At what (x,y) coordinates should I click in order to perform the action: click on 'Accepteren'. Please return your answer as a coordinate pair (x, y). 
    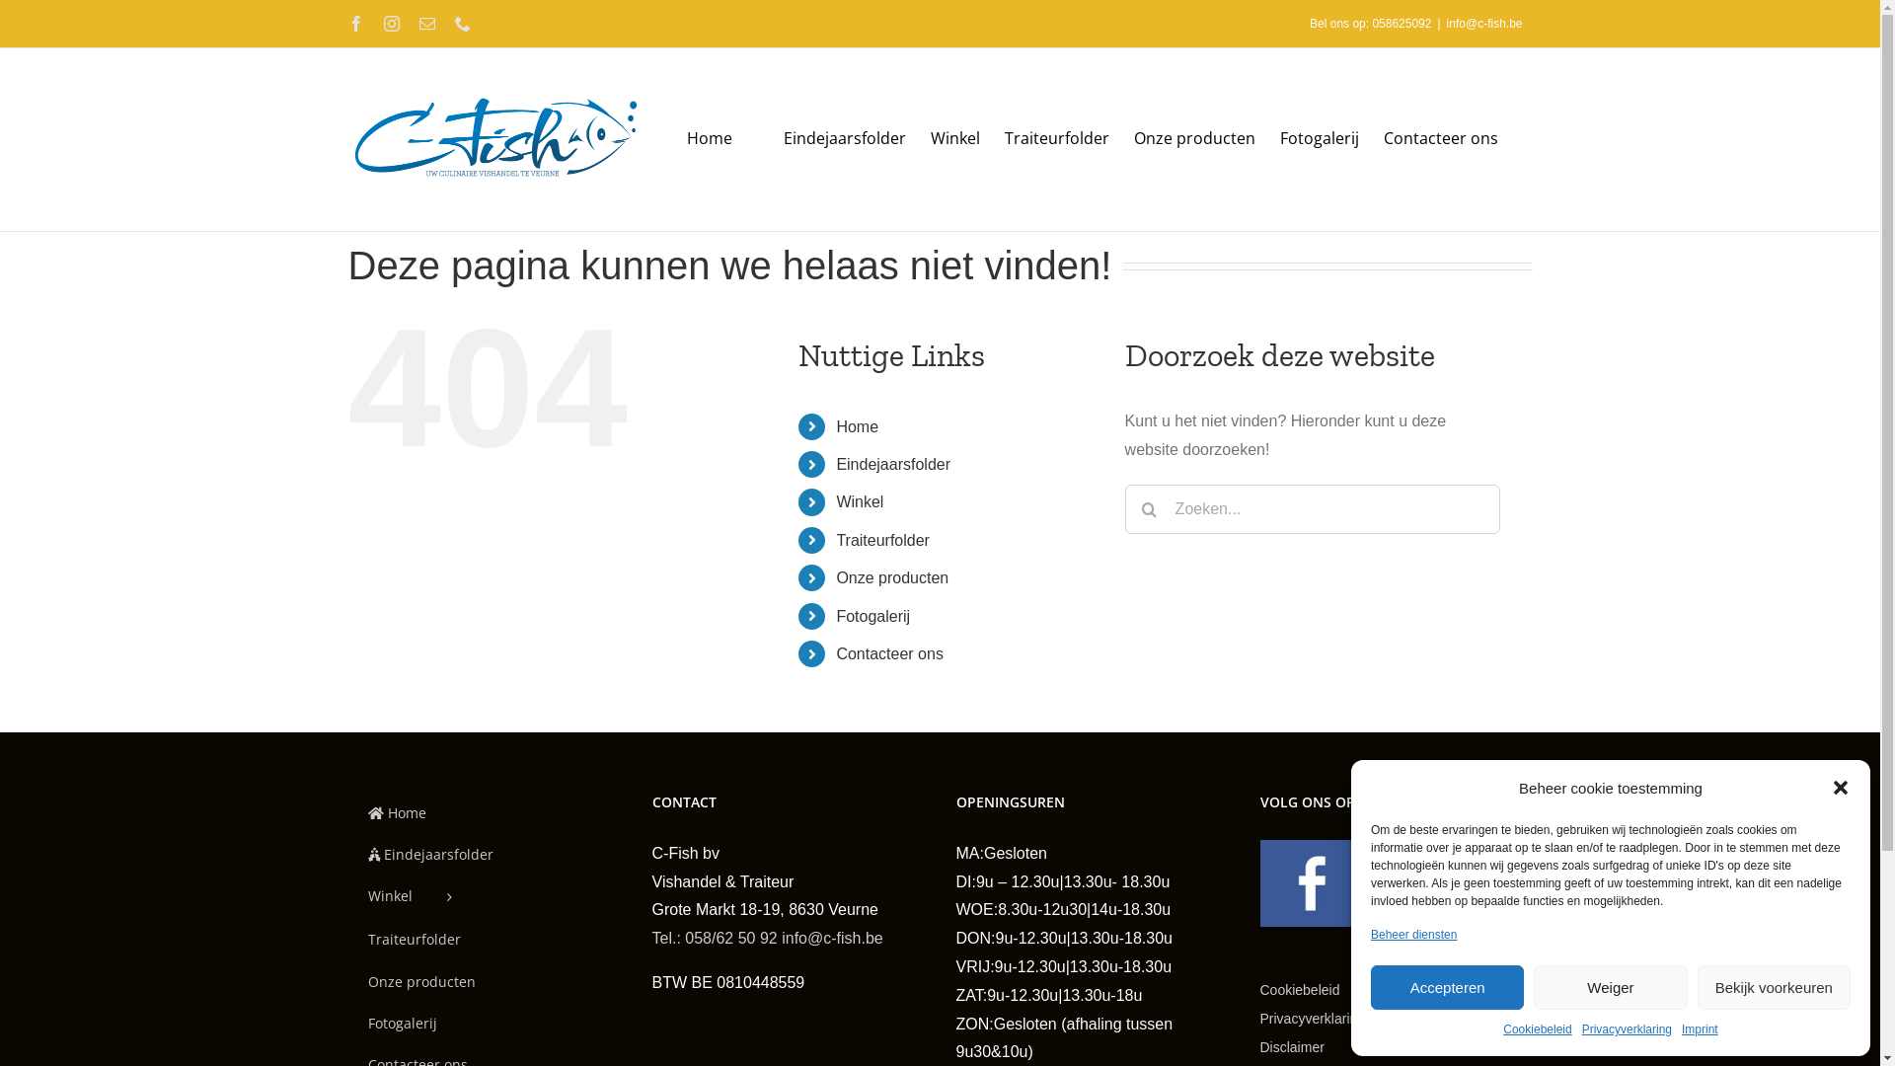
    Looking at the image, I should click on (1447, 987).